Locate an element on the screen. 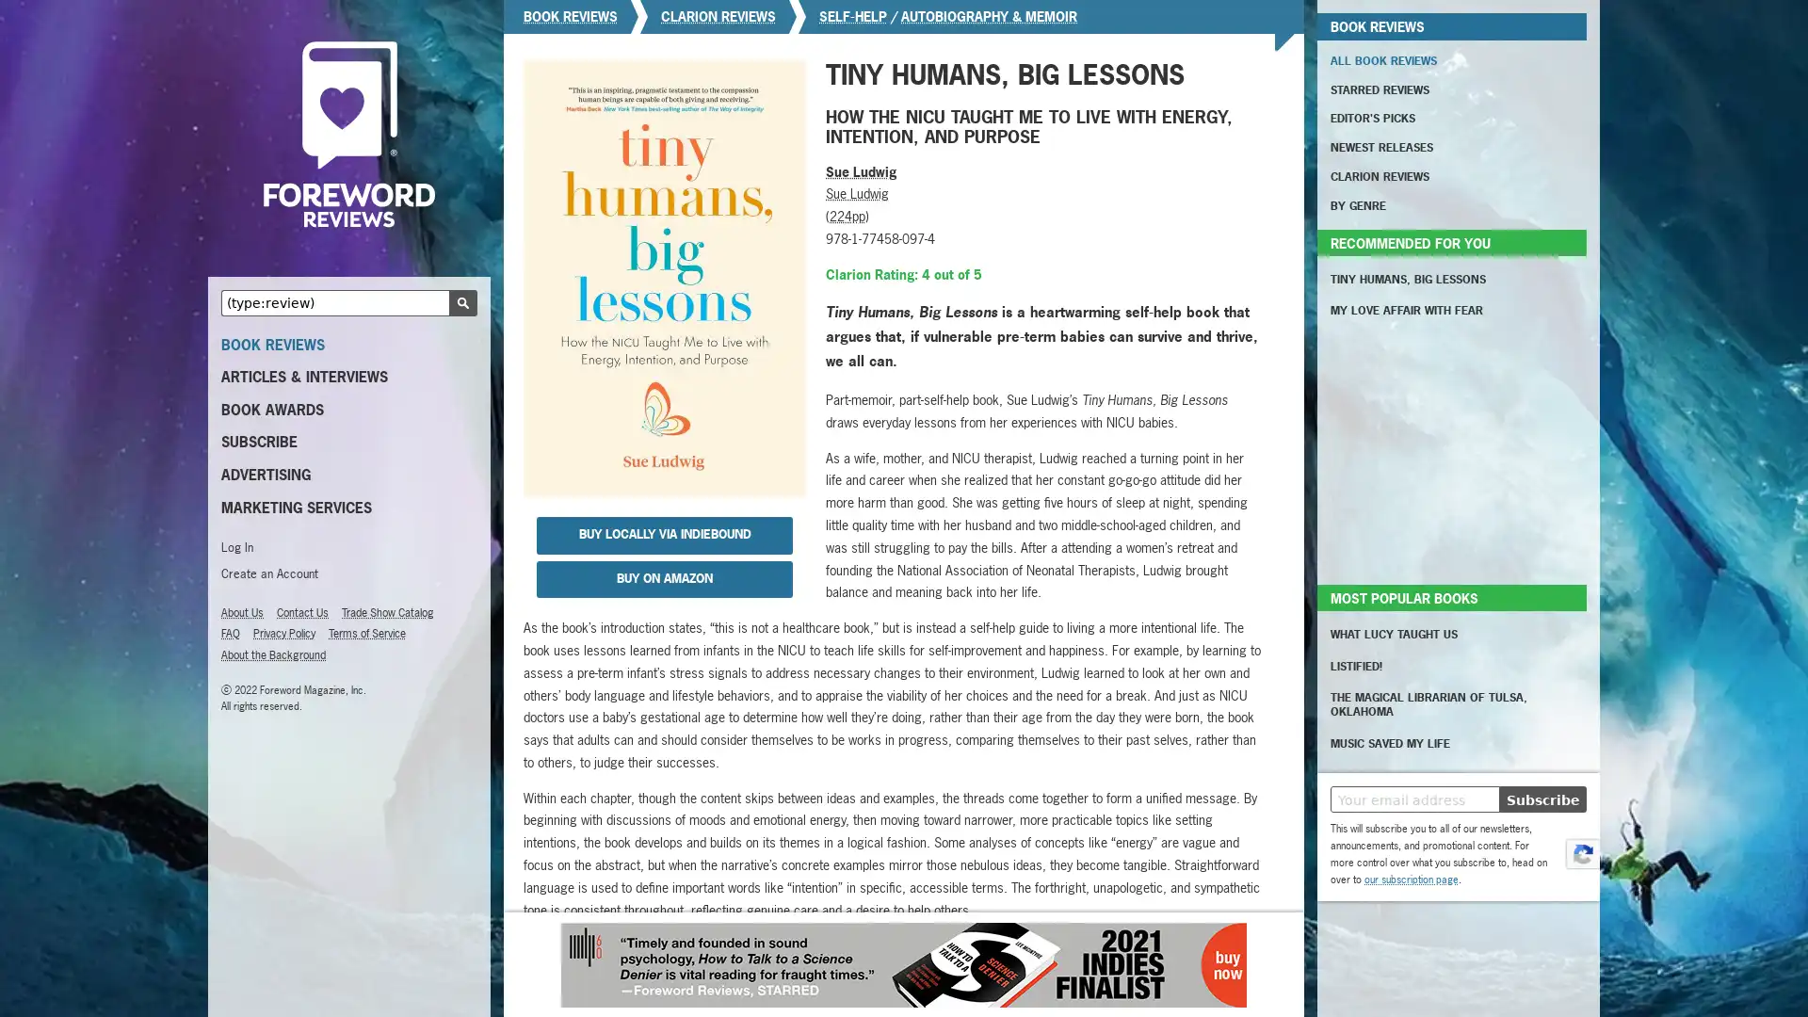  Search is located at coordinates (462, 301).